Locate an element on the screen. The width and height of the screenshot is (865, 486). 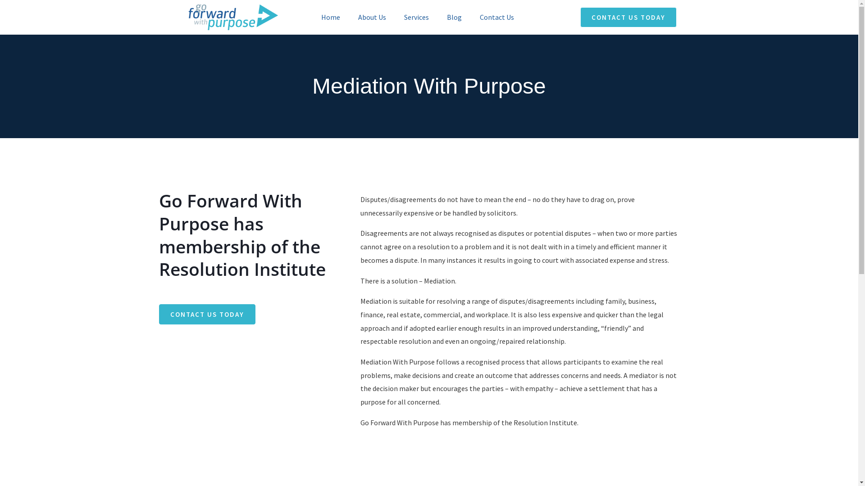
'Home' is located at coordinates (330, 17).